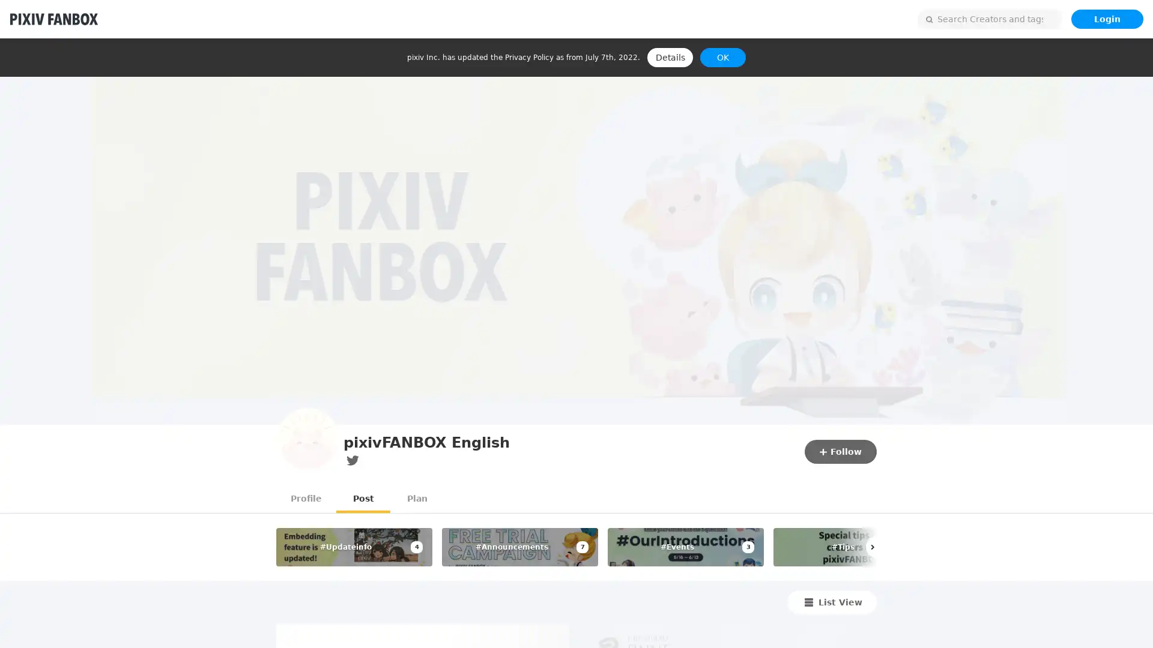  I want to click on List View, so click(831, 601).